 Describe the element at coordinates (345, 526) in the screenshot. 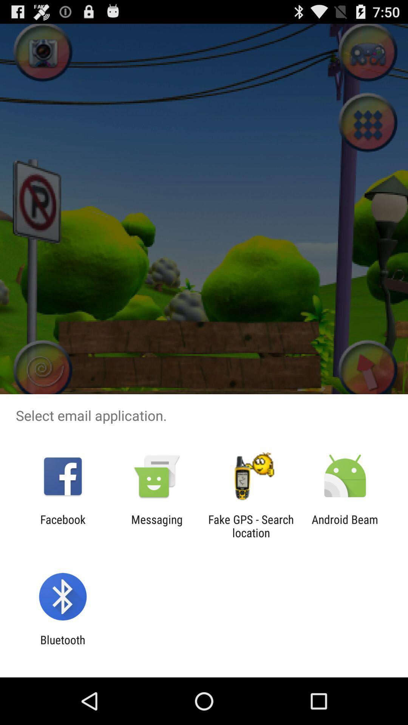

I see `icon next to fake gps search icon` at that location.